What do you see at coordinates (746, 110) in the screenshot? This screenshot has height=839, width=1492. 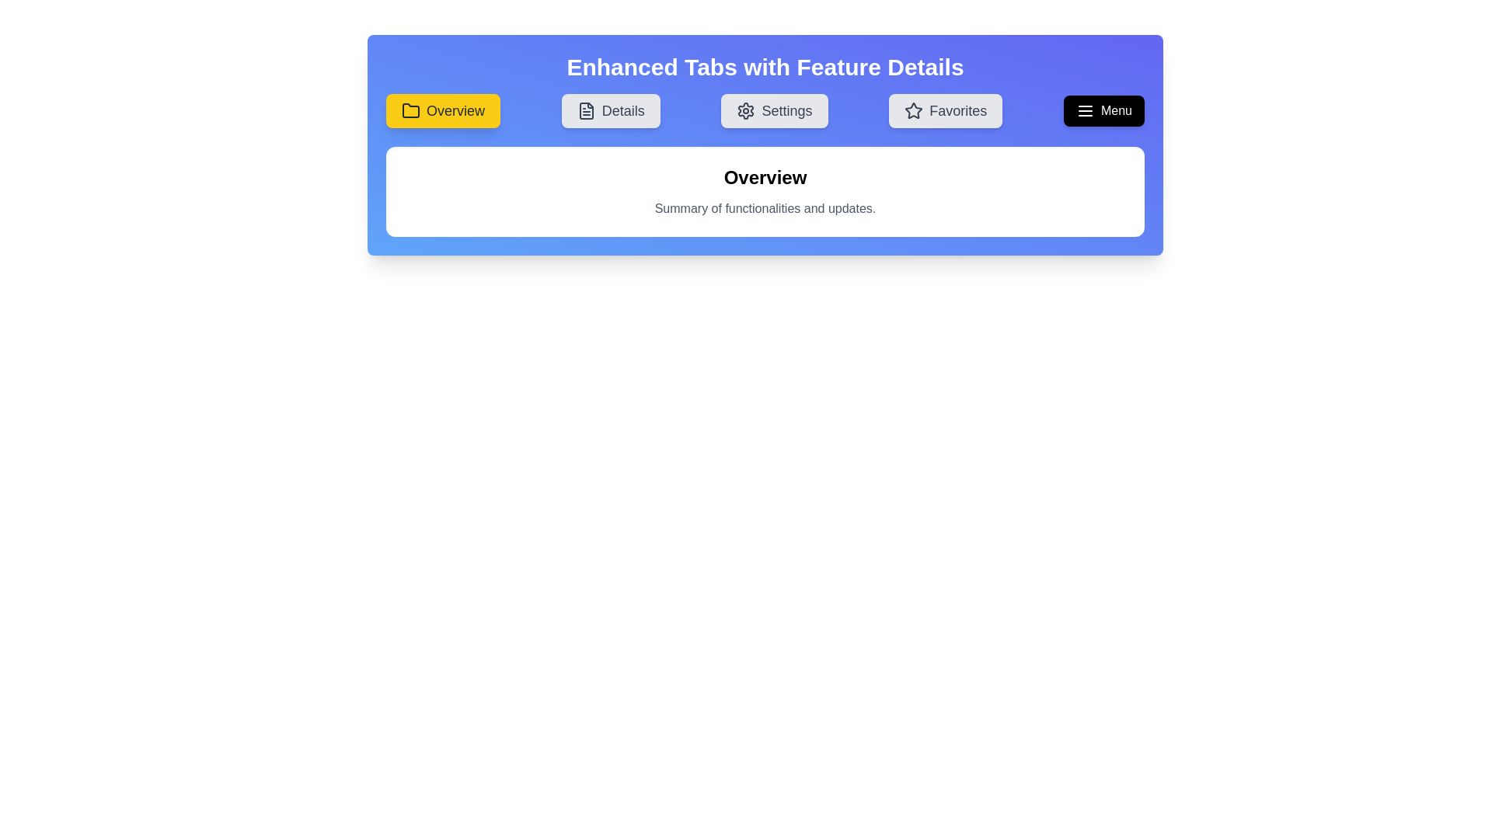 I see `the 'Settings' tab button, which contains a gray gear icon` at bounding box center [746, 110].